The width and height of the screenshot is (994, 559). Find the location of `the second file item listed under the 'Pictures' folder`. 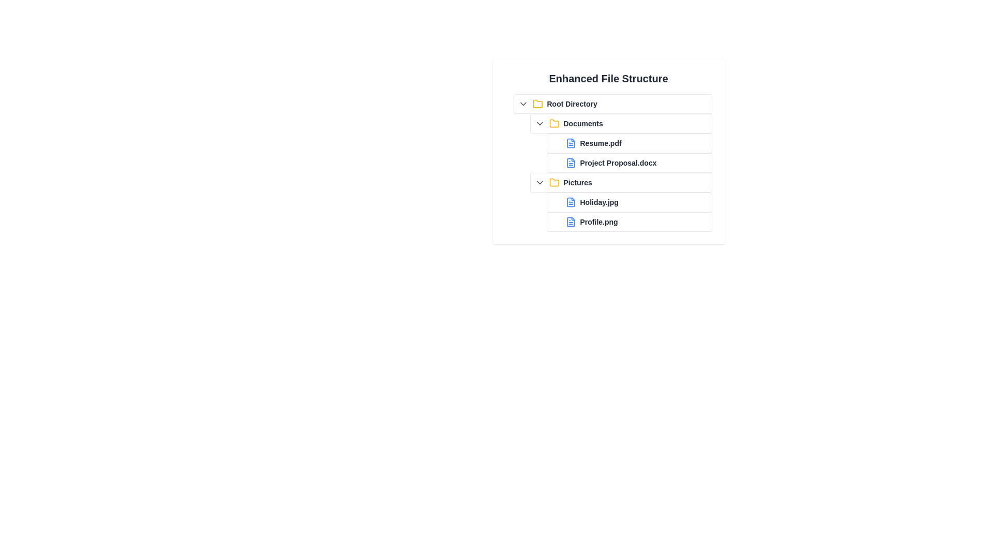

the second file item listed under the 'Pictures' folder is located at coordinates (624, 221).